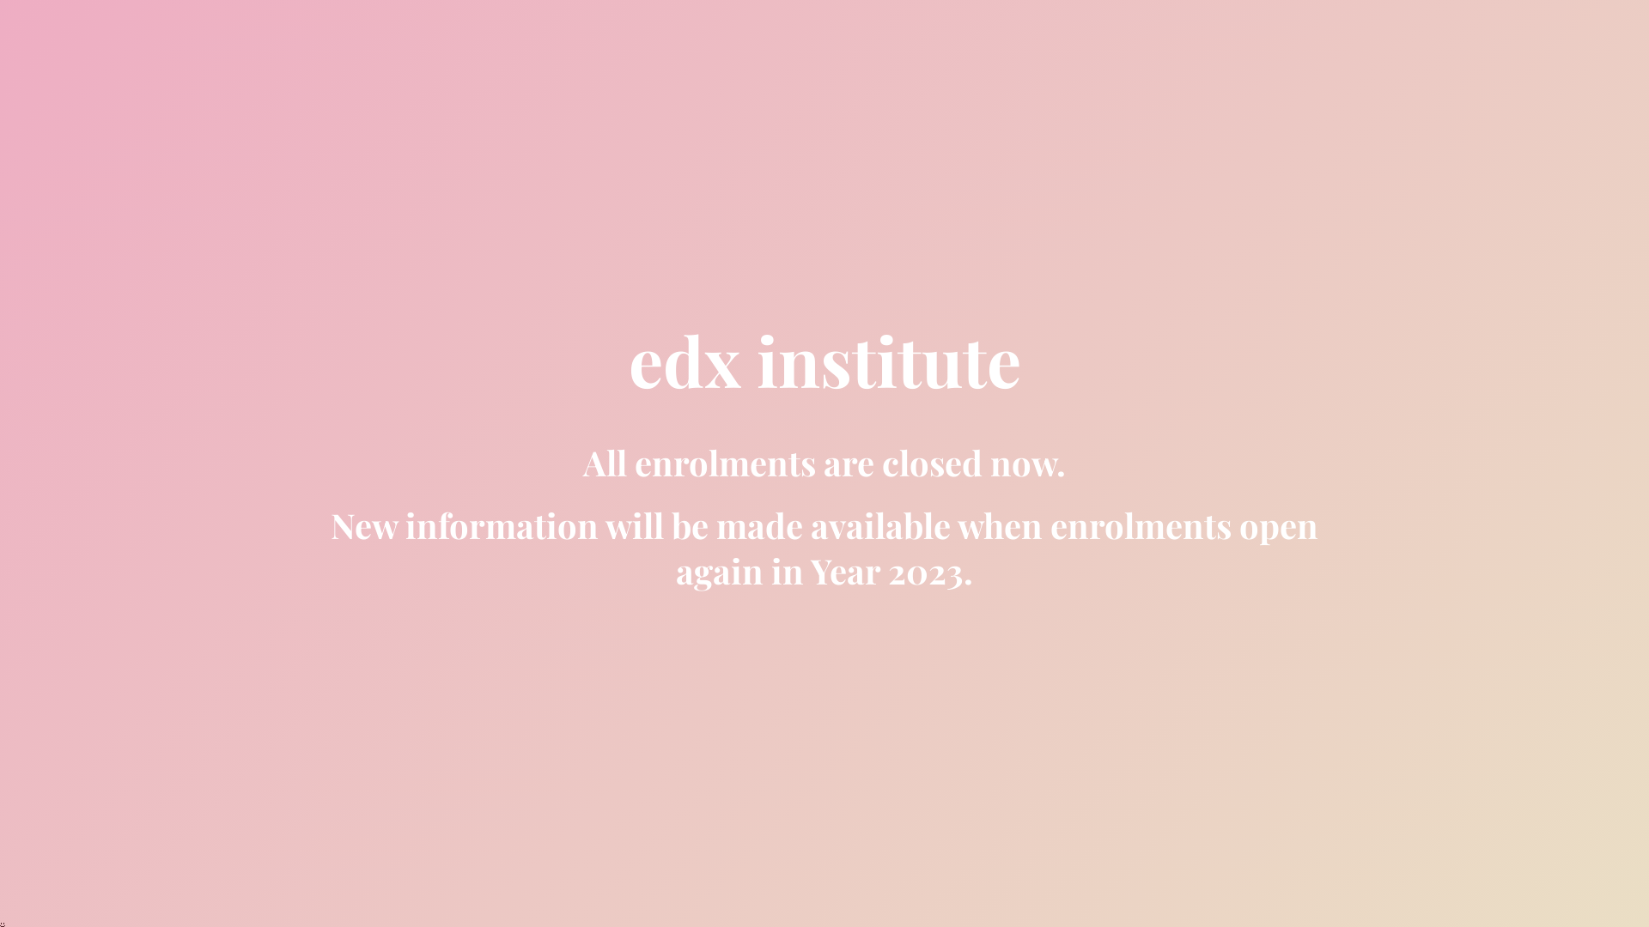 The width and height of the screenshot is (1649, 927). Describe the element at coordinates (824, 373) in the screenshot. I see `'edx institute'` at that location.